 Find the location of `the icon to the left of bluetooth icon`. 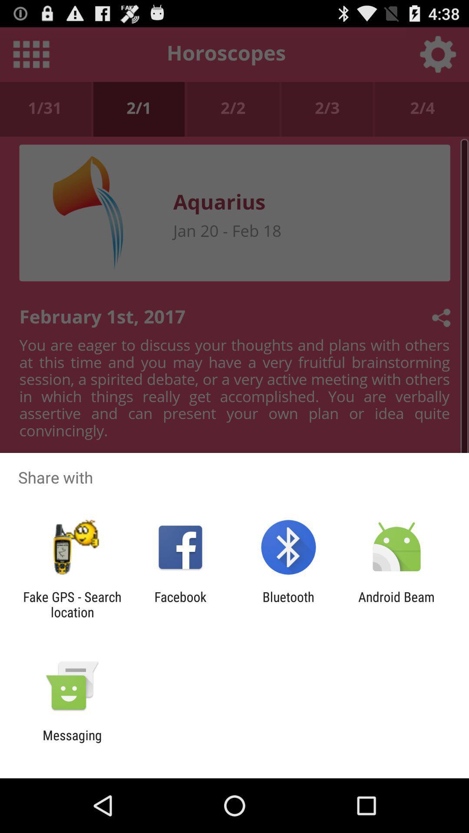

the icon to the left of bluetooth icon is located at coordinates (180, 604).